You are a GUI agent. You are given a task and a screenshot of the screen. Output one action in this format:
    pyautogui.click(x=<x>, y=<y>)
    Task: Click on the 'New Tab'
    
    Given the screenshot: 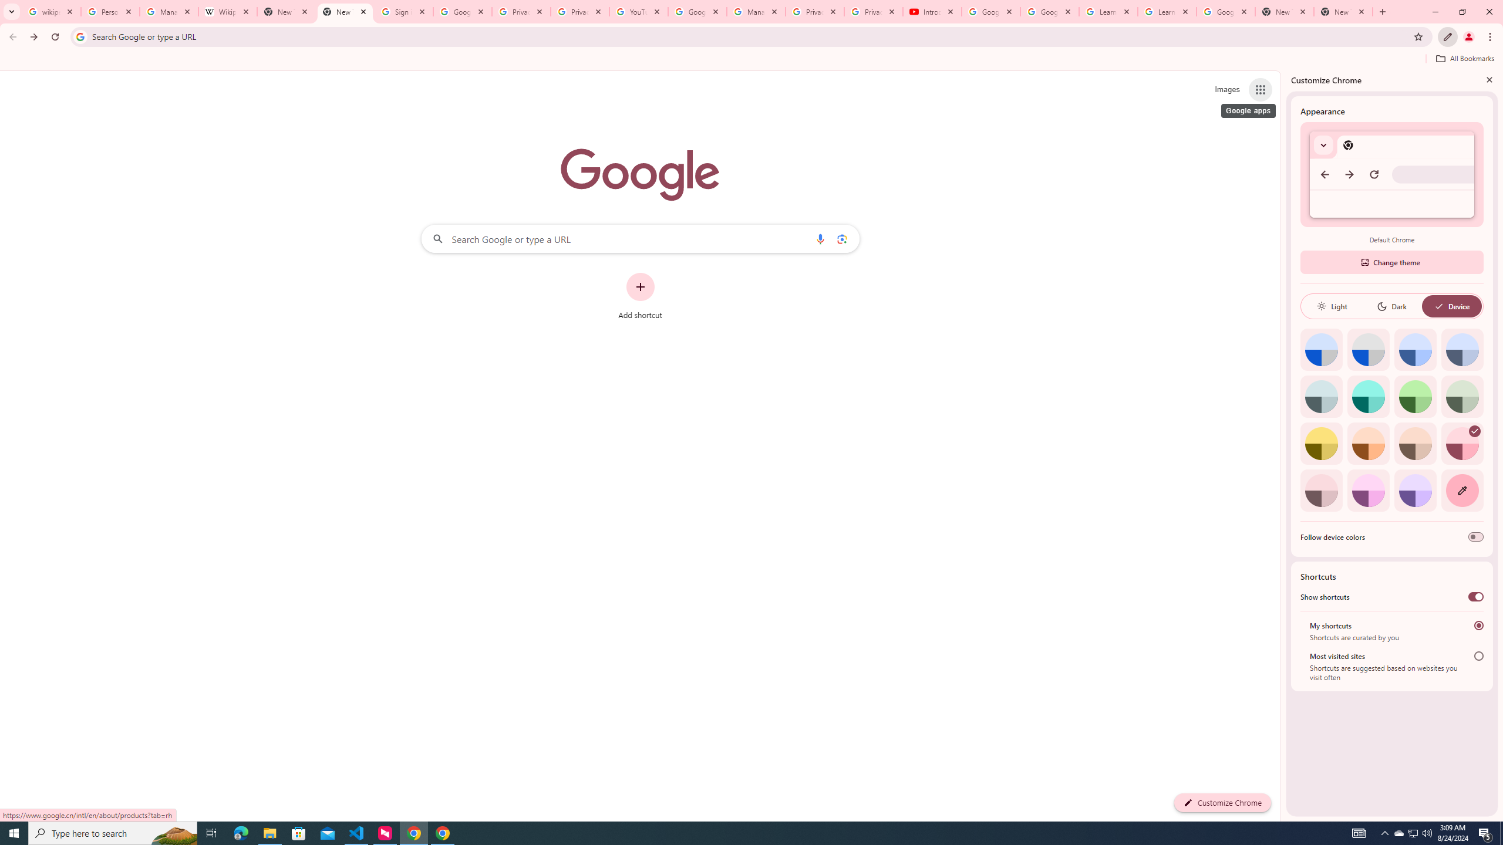 What is the action you would take?
    pyautogui.click(x=1343, y=11)
    